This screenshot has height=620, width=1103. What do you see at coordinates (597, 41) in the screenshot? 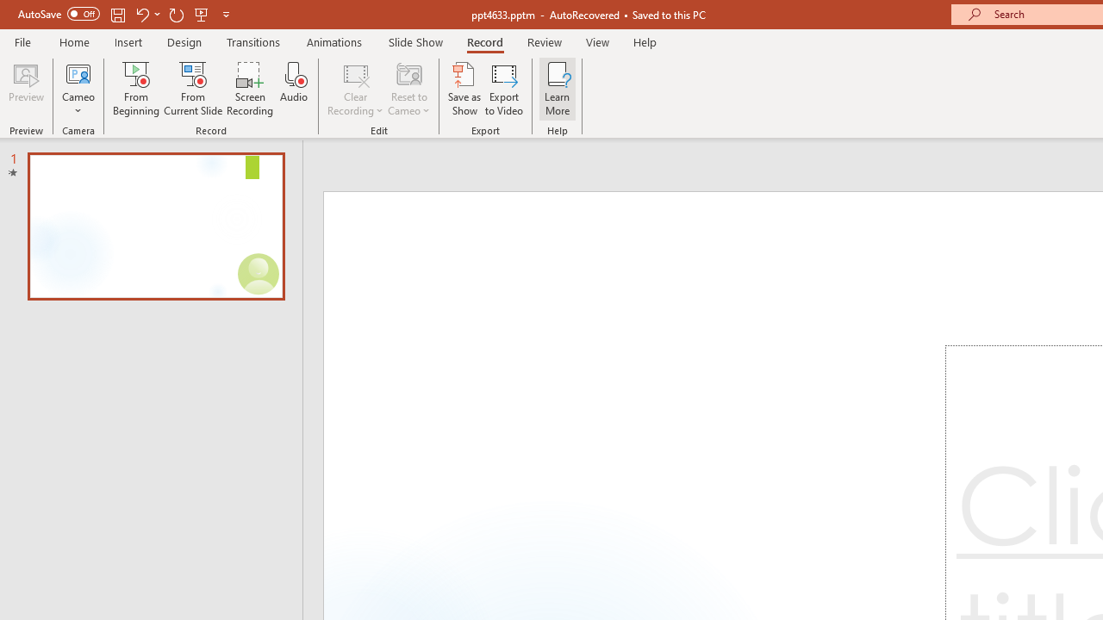
I see `'View'` at bounding box center [597, 41].